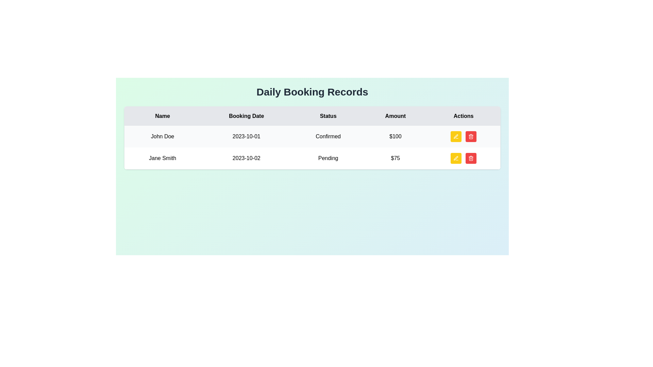  Describe the element at coordinates (246, 158) in the screenshot. I see `the static text displaying the booking date for 'Jane Smith', located in the second column of the second row under the 'Booking Date' header` at that location.